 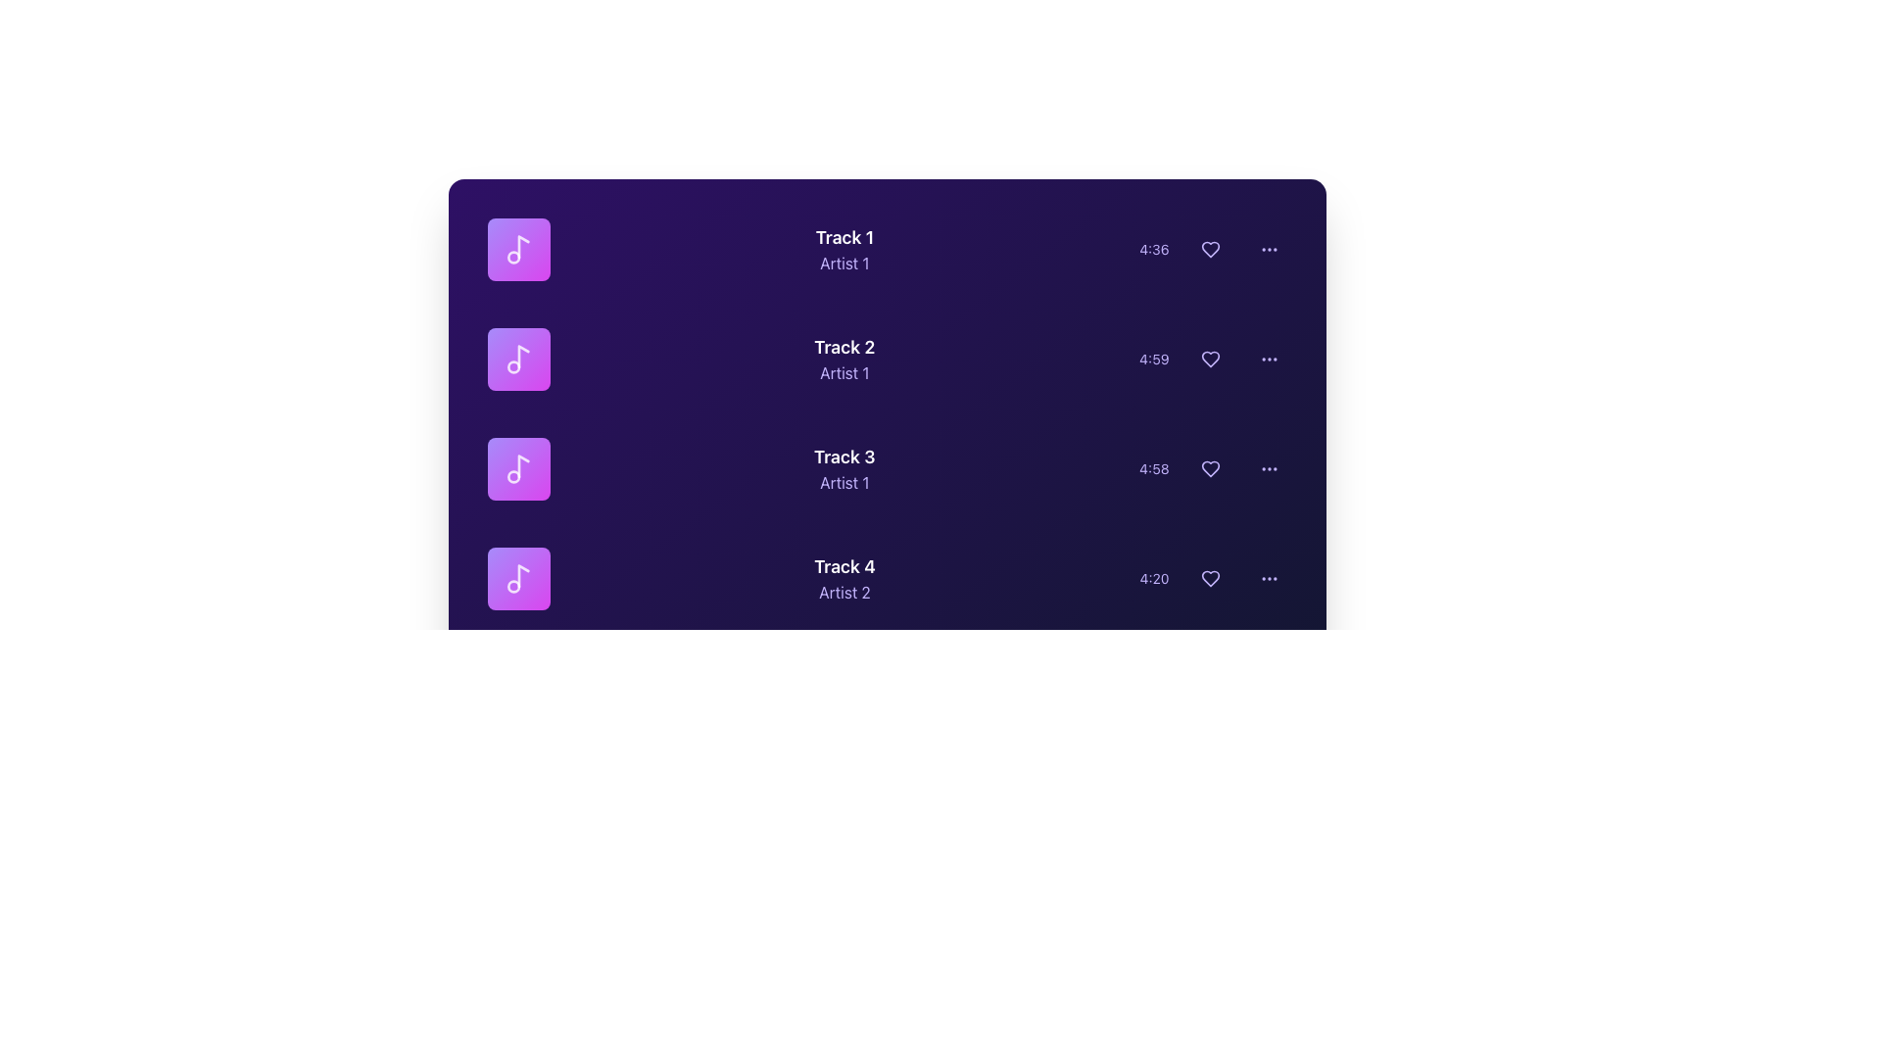 I want to click on the small arrow-shaped vector graphic set within the purple square background in the fourth row of the vertical list, so click(x=519, y=577).